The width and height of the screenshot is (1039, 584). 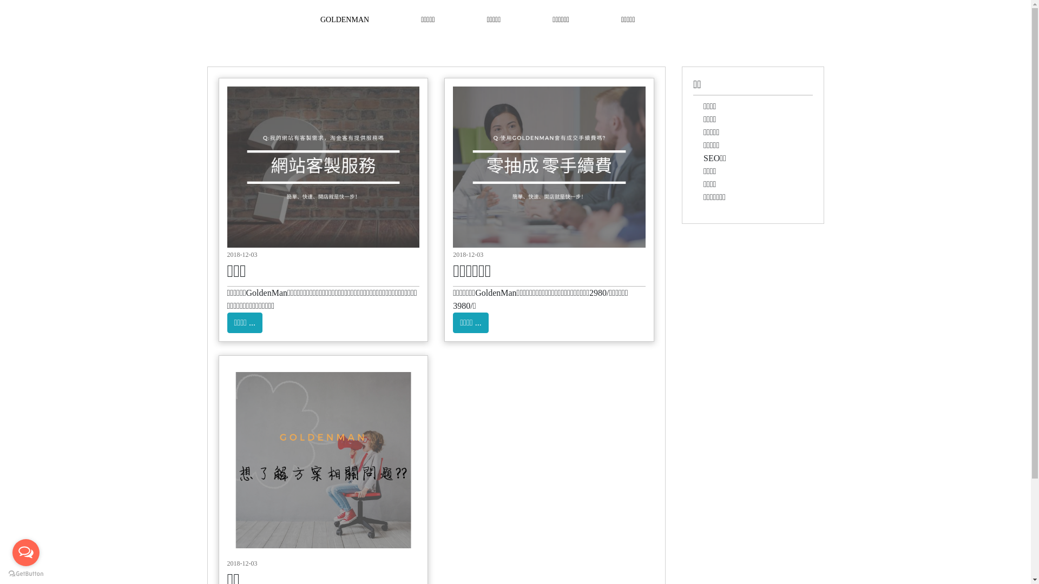 What do you see at coordinates (344, 19) in the screenshot?
I see `'GOLDENMAN'` at bounding box center [344, 19].